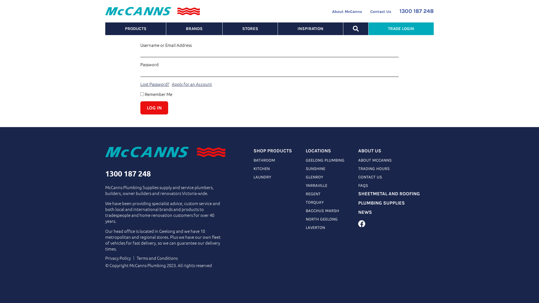  I want to click on 'Apply for an Account', so click(192, 84).